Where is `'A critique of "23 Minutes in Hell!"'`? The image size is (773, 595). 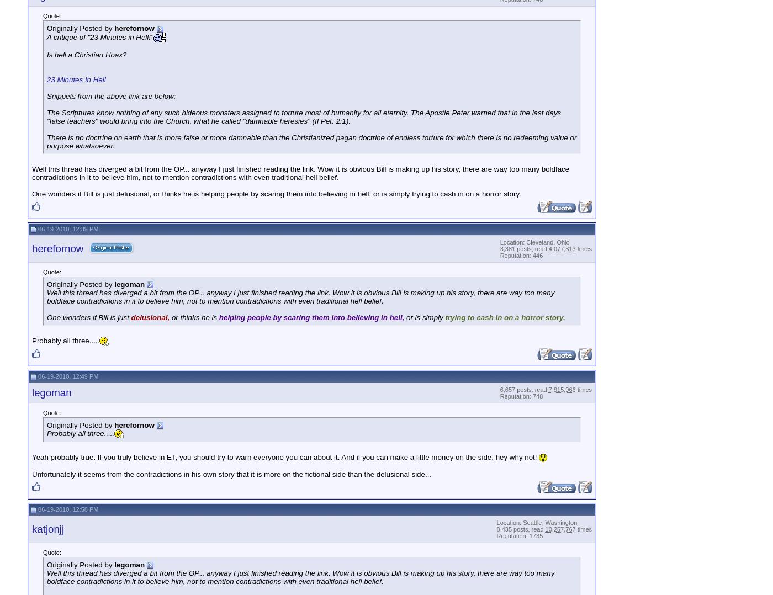 'A critique of "23 Minutes in Hell!"' is located at coordinates (100, 36).